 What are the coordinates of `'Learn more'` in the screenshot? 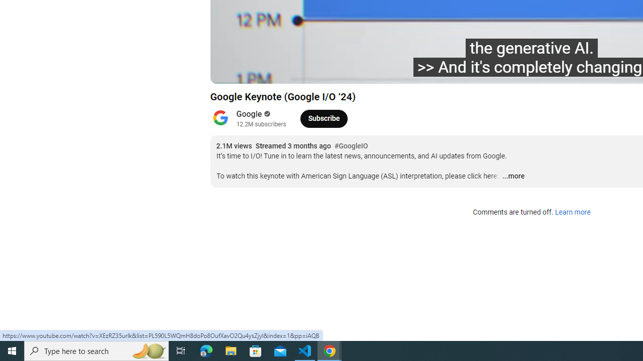 It's located at (572, 212).